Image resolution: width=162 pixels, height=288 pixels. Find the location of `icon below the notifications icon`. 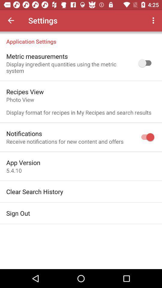

icon below the notifications icon is located at coordinates (64, 141).